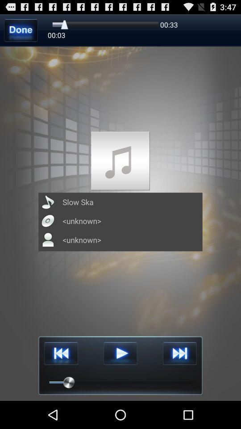 Image resolution: width=241 pixels, height=429 pixels. What do you see at coordinates (61, 353) in the screenshot?
I see `previous` at bounding box center [61, 353].